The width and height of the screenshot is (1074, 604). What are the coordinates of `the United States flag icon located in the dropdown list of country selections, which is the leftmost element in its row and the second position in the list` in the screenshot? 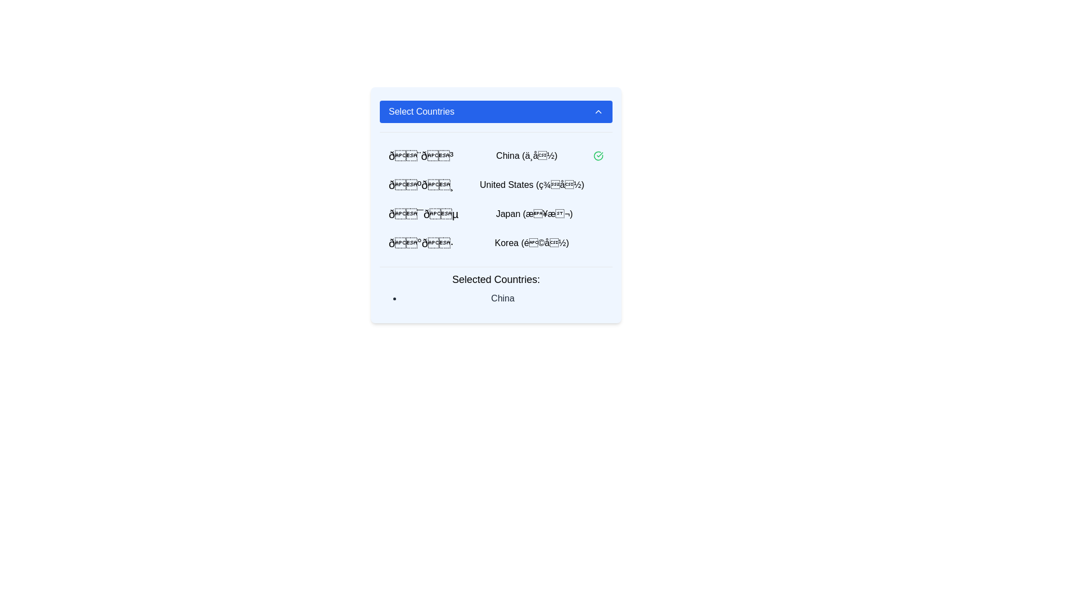 It's located at (421, 185).